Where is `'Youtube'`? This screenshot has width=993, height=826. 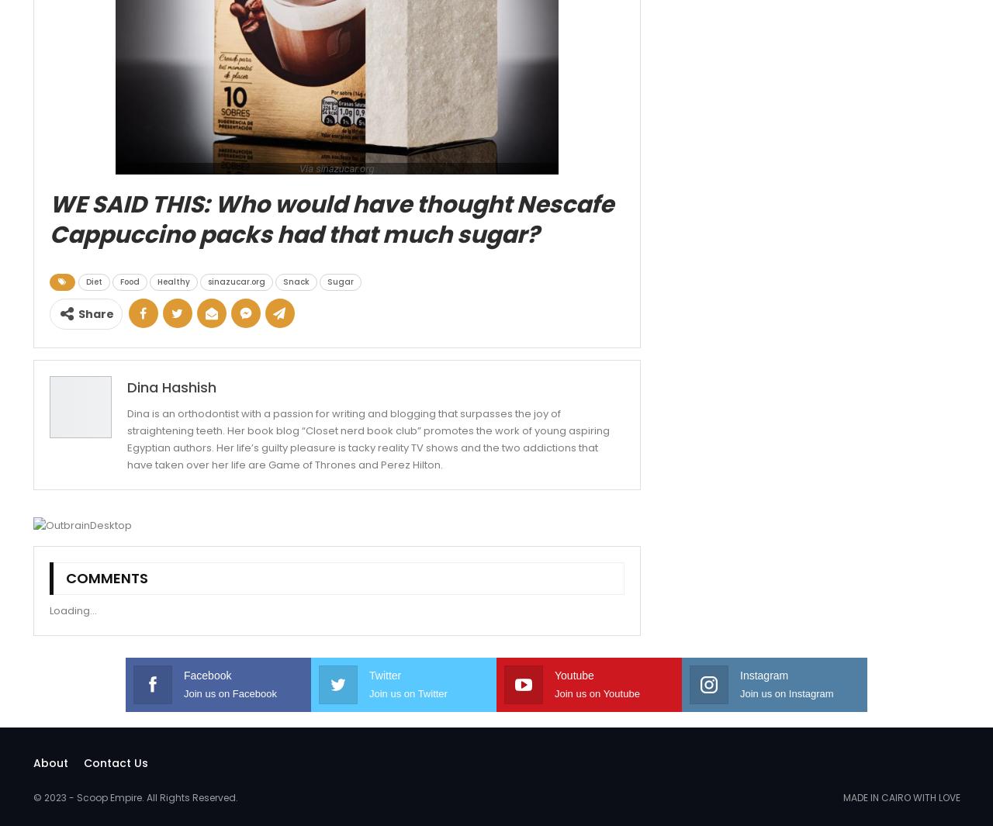 'Youtube' is located at coordinates (573, 674).